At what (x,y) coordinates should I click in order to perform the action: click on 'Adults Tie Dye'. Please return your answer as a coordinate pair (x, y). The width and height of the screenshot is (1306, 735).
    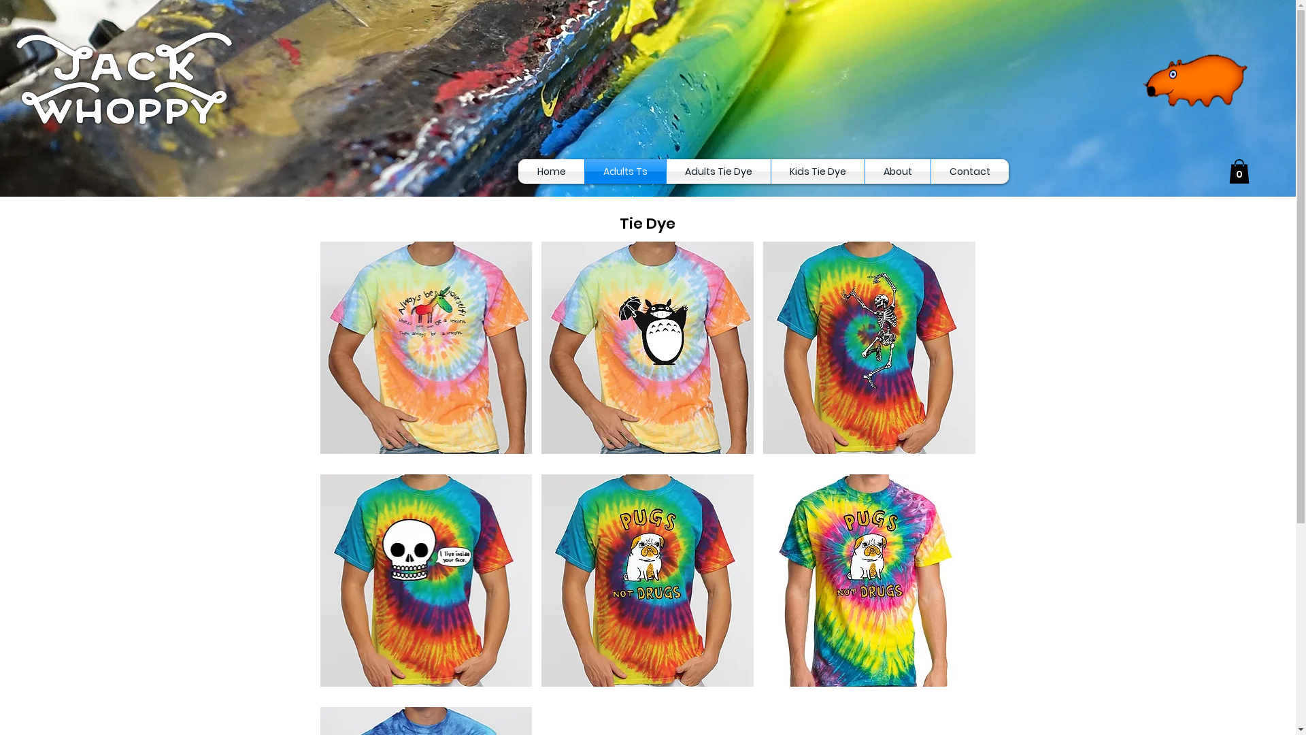
    Looking at the image, I should click on (666, 170).